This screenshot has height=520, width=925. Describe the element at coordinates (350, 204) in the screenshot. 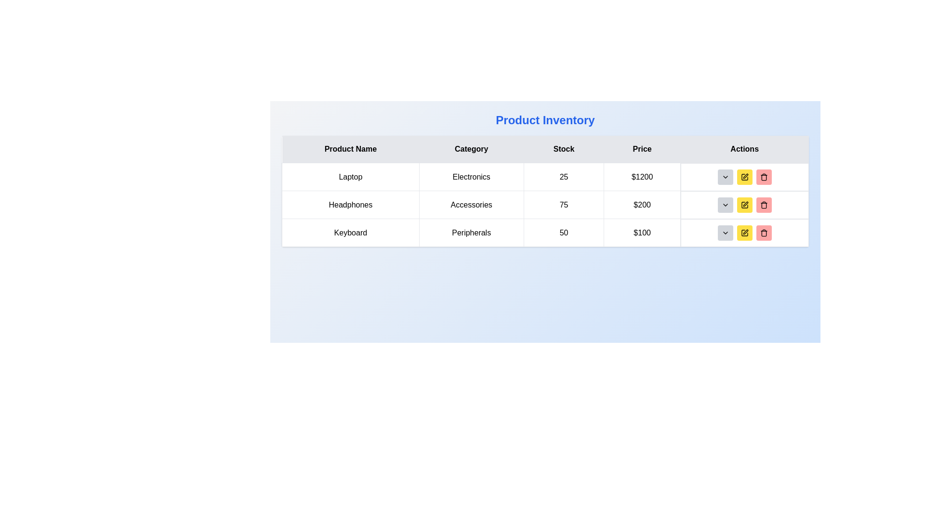

I see `text content of the label displaying 'Headphones', which is styled with center alignment and located under the 'Product Name' column in the second row of a tabular structure` at that location.